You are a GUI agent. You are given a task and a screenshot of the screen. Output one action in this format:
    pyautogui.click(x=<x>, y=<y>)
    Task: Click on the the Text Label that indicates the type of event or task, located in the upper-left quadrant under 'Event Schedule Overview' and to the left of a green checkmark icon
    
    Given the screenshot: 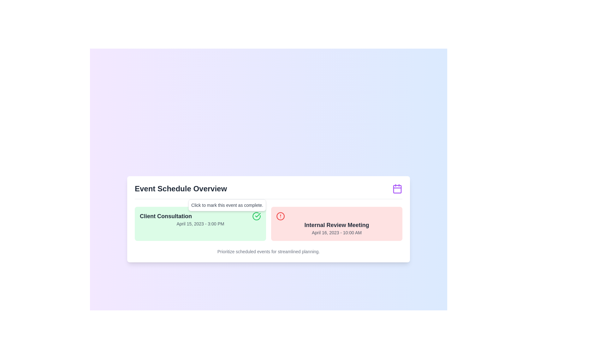 What is the action you would take?
    pyautogui.click(x=166, y=216)
    